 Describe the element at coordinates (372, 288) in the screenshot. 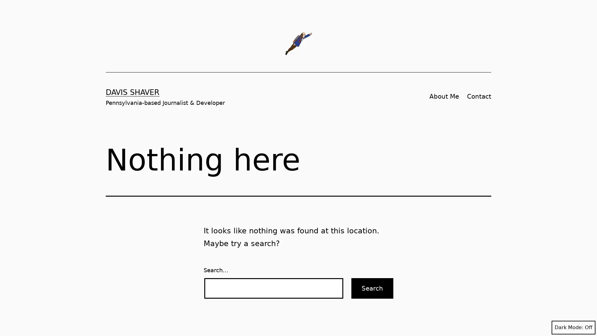

I see `Search` at that location.